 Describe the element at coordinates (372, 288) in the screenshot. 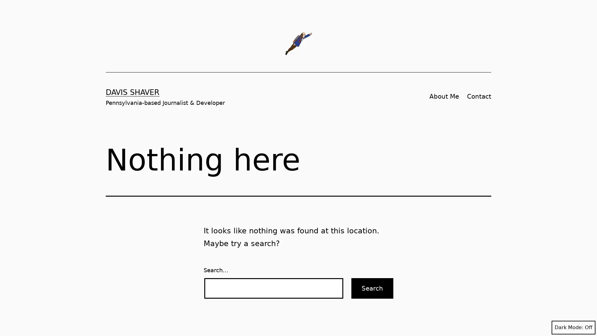

I see `Search` at that location.